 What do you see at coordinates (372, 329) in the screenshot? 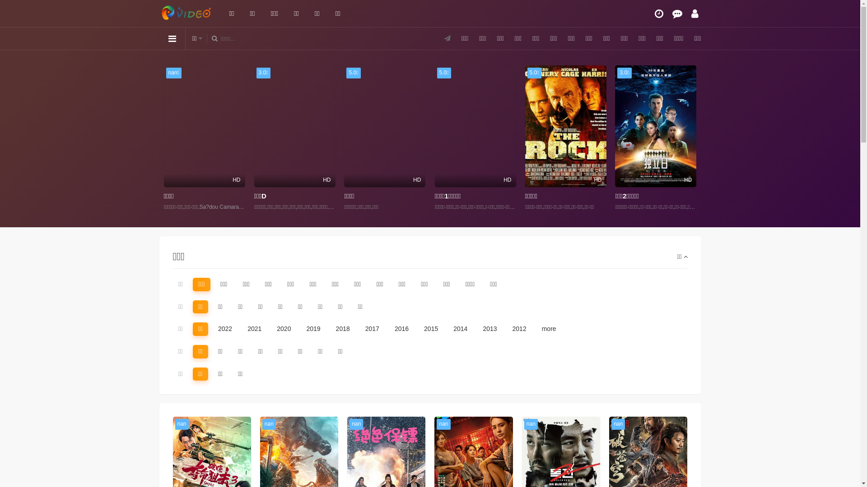
I see `'2017'` at bounding box center [372, 329].